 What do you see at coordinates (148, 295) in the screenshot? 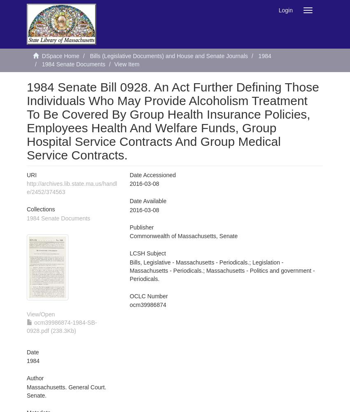
I see `'OCLC Number'` at bounding box center [148, 295].